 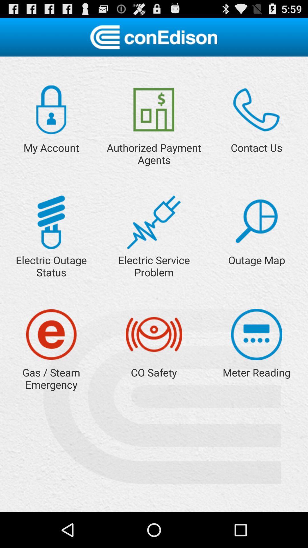 I want to click on my account, so click(x=51, y=110).